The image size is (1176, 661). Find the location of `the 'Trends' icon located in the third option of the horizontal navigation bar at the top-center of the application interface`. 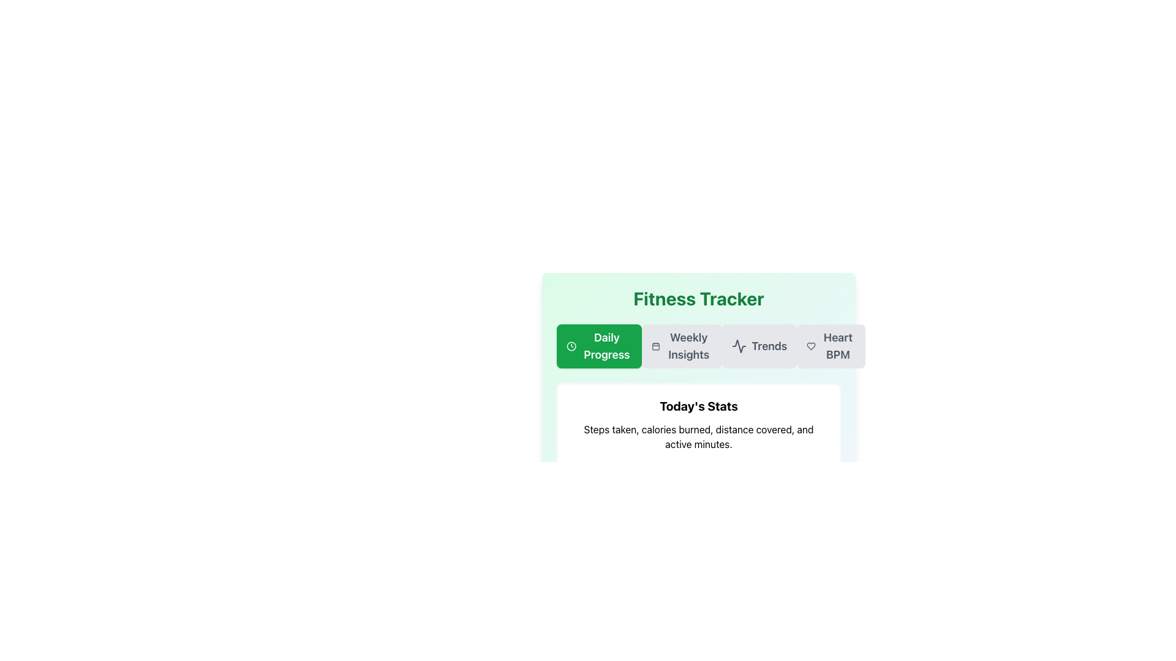

the 'Trends' icon located in the third option of the horizontal navigation bar at the top-center of the application interface is located at coordinates (739, 346).